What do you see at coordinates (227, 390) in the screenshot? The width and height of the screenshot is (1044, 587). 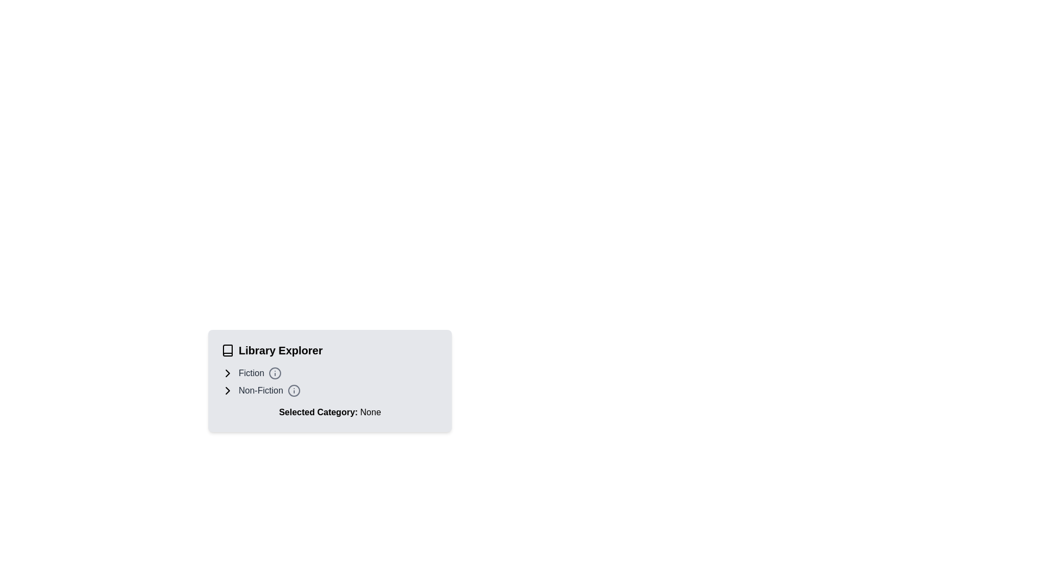 I see `the right-pointing chevron arrow icon located to the left of the 'Non-Fiction' text label, which is used for navigation or expansion` at bounding box center [227, 390].